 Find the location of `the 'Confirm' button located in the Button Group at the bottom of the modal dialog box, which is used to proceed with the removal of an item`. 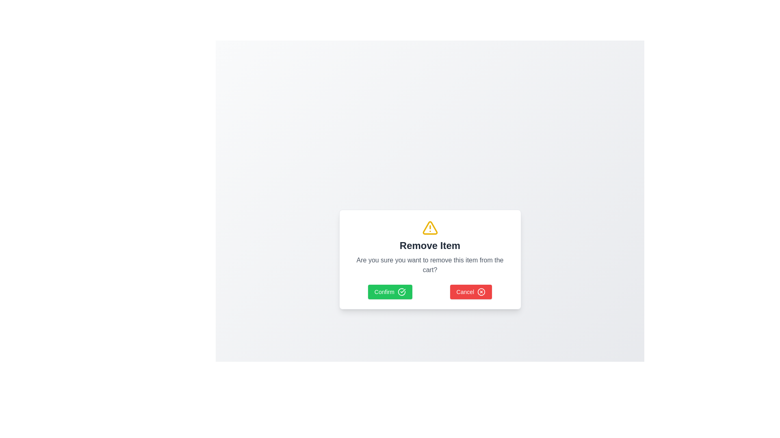

the 'Confirm' button located in the Button Group at the bottom of the modal dialog box, which is used to proceed with the removal of an item is located at coordinates (429, 292).